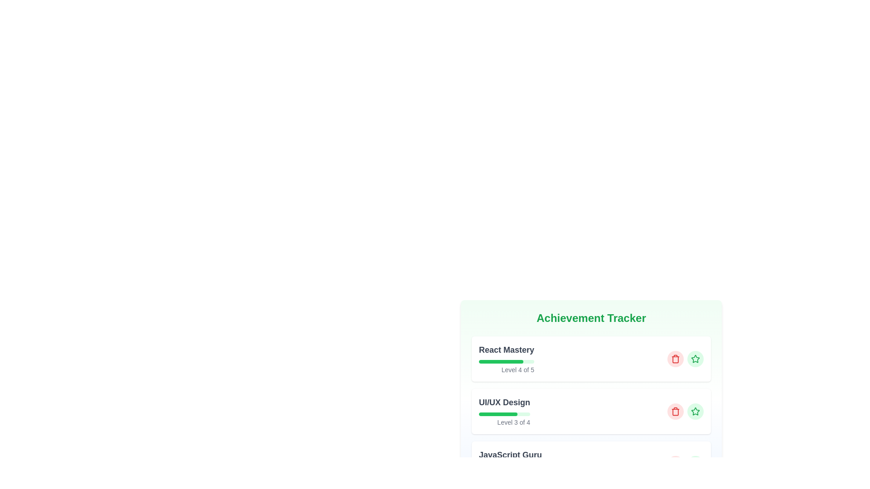  I want to click on the Progress Bar displaying mastery in 'React' located in the first card of the 'Achievement Tracker', so click(506, 359).